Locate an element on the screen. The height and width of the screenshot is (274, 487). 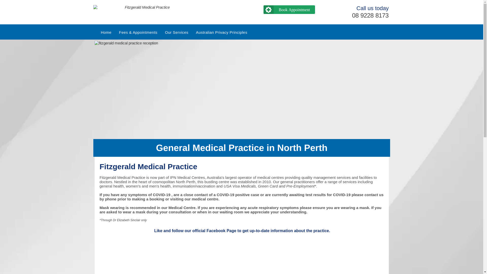
'Australian Privacy Principles' is located at coordinates (221, 32).